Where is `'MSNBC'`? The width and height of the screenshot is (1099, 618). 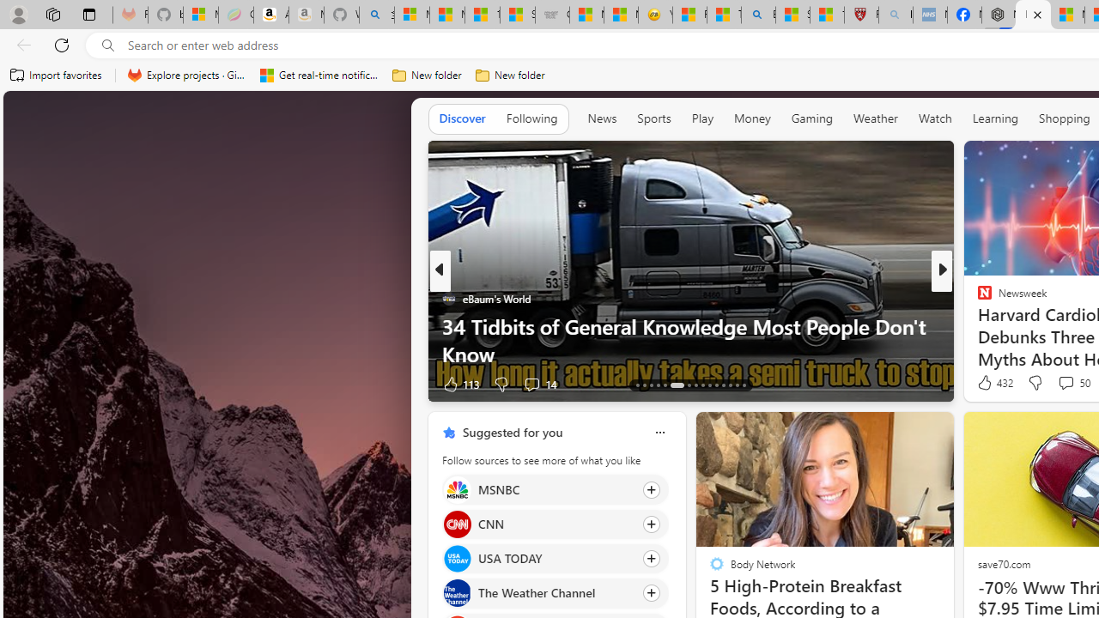 'MSNBC' is located at coordinates (457, 489).